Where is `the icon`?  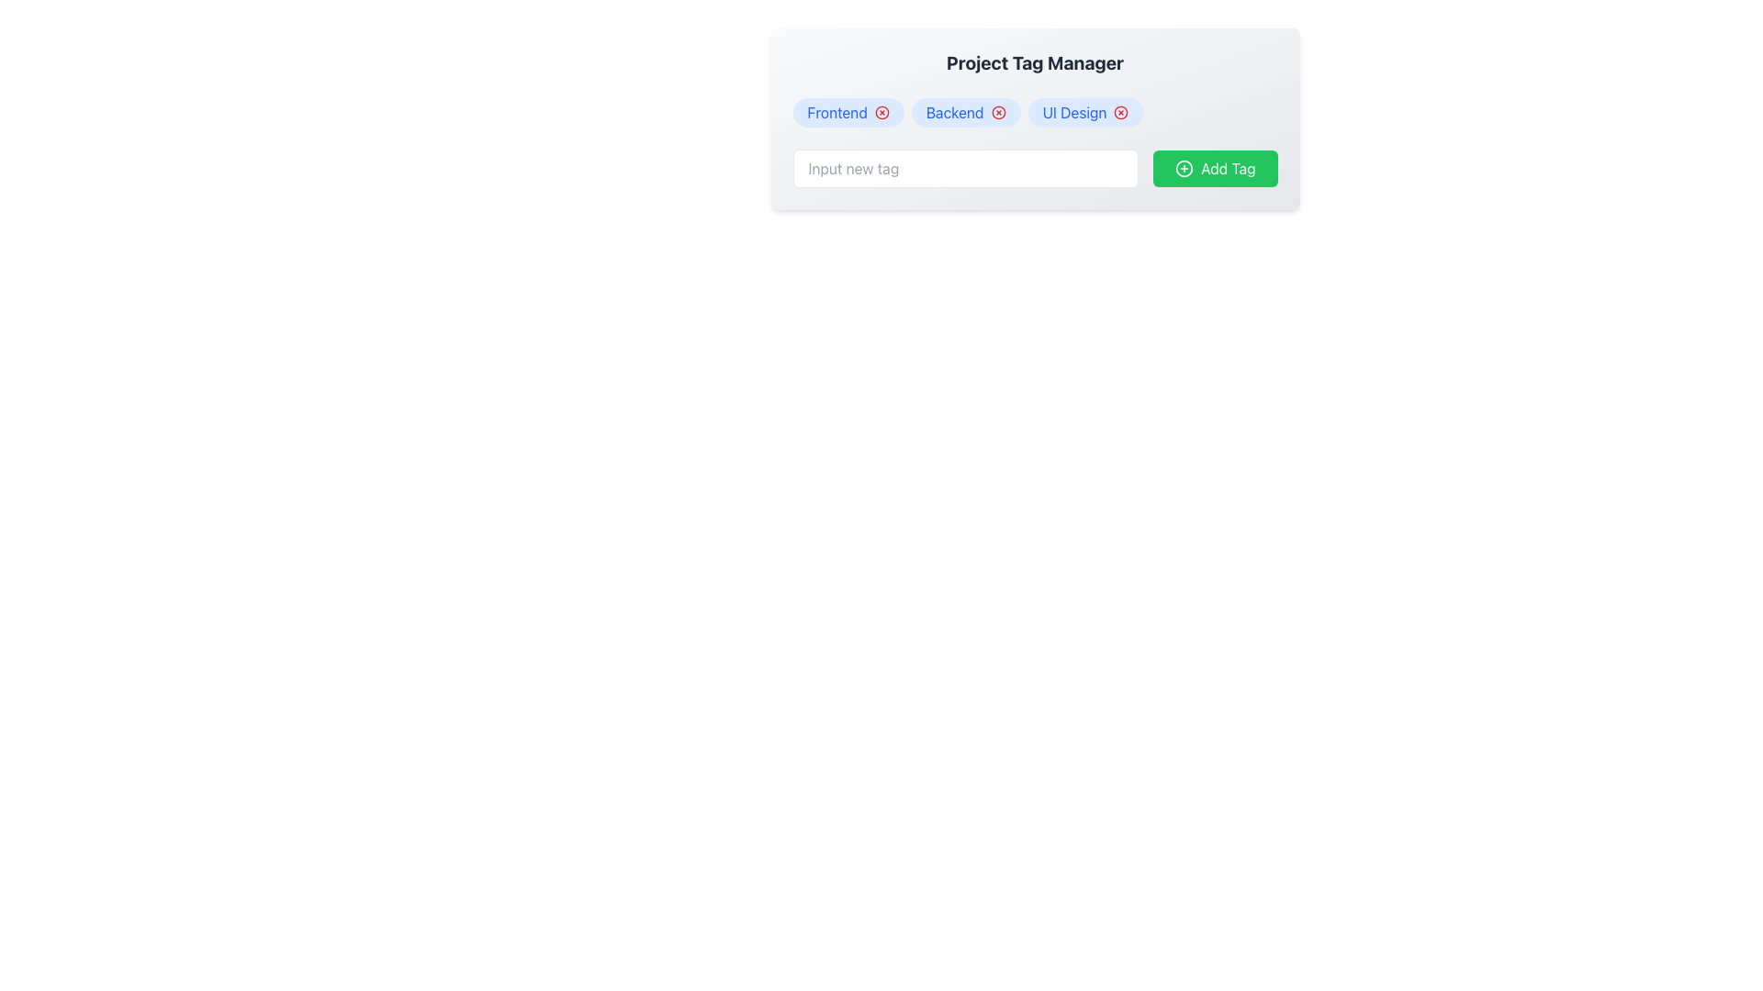
the icon is located at coordinates (997, 113).